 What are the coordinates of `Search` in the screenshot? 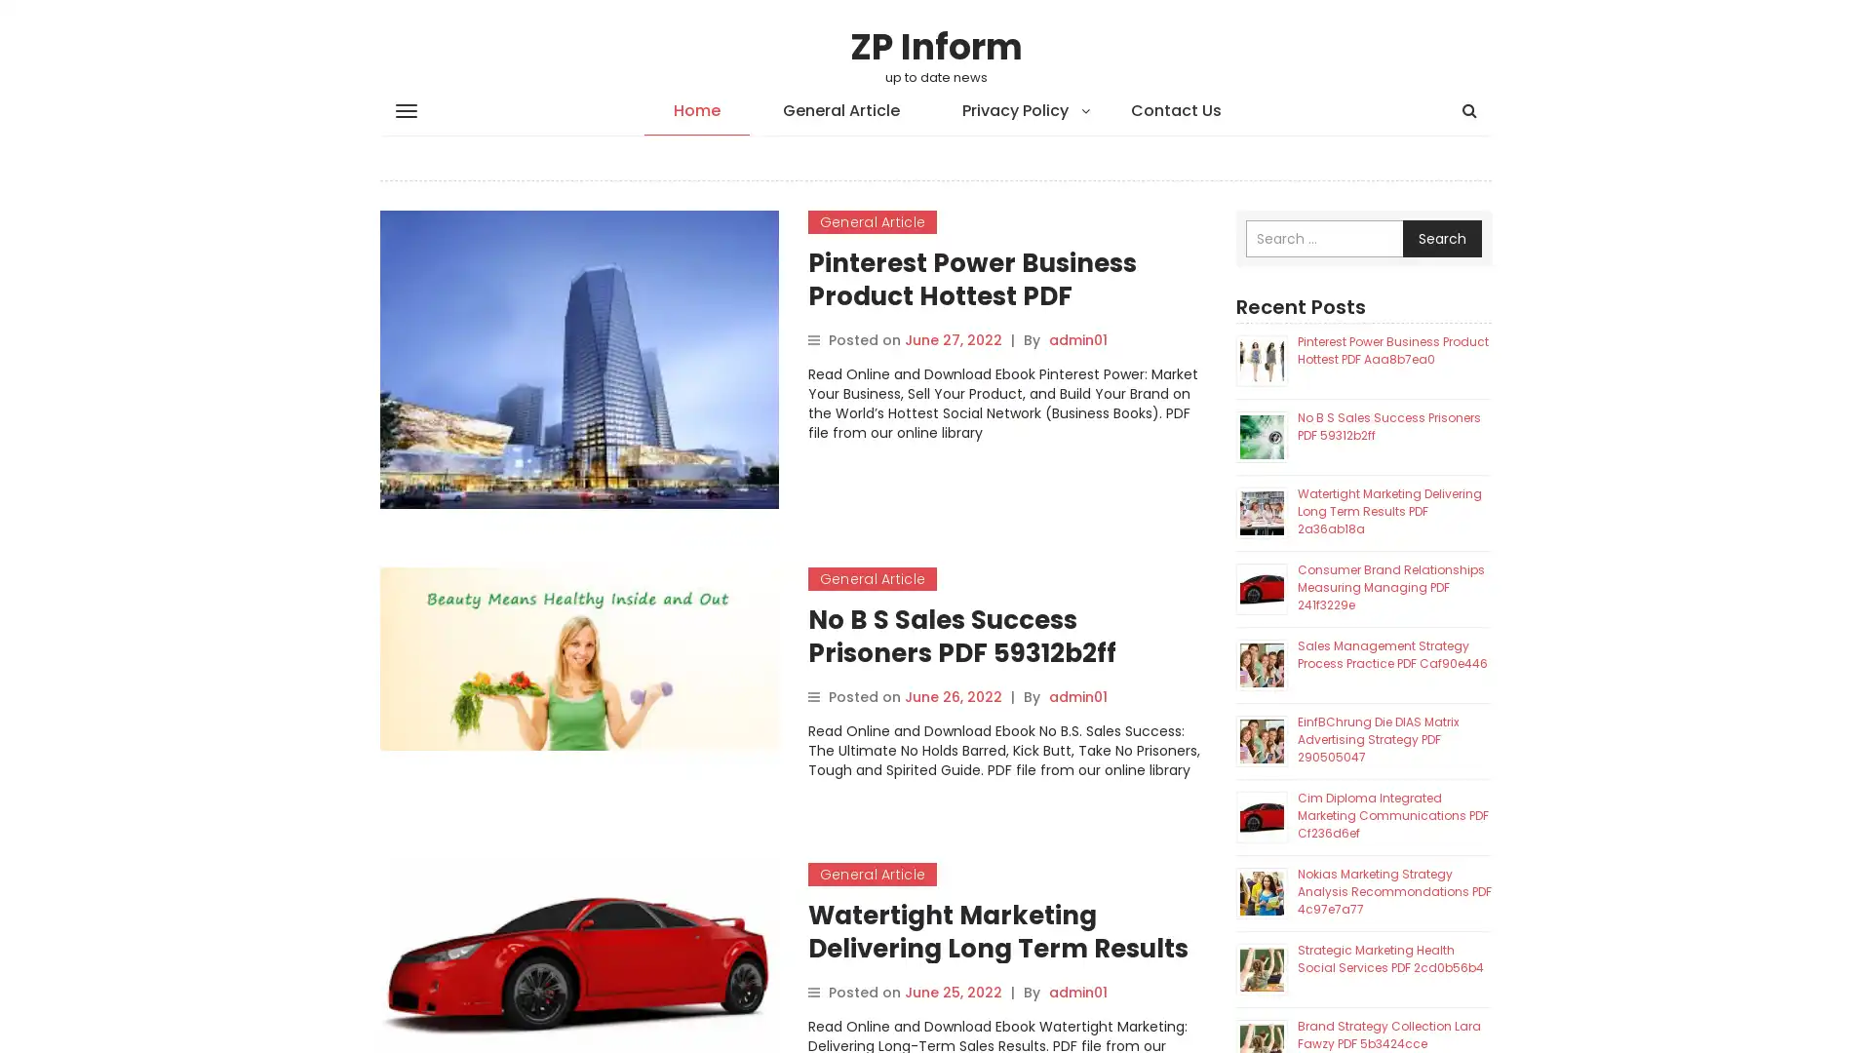 It's located at (1442, 238).